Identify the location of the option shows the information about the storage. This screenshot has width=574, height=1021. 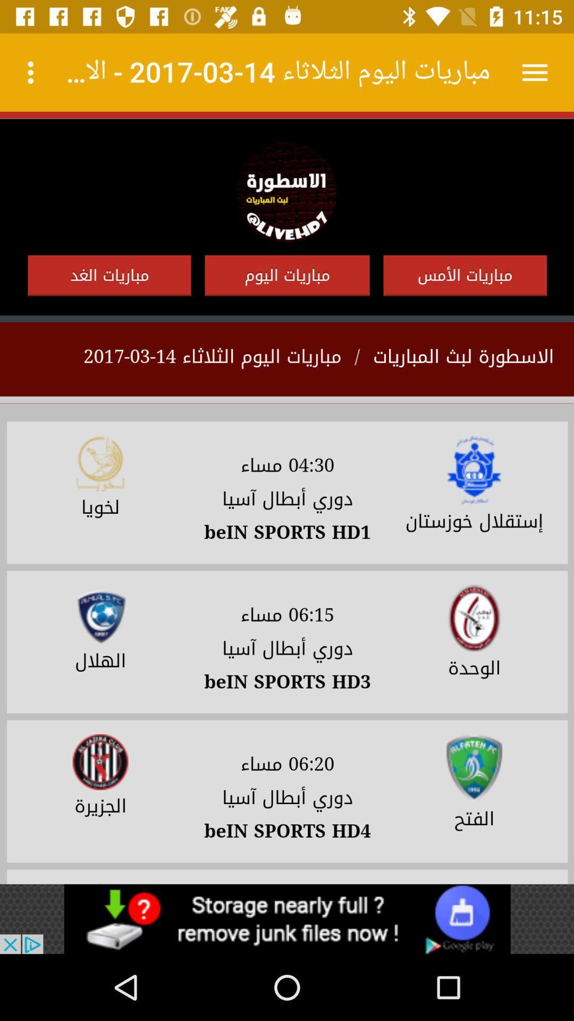
(287, 918).